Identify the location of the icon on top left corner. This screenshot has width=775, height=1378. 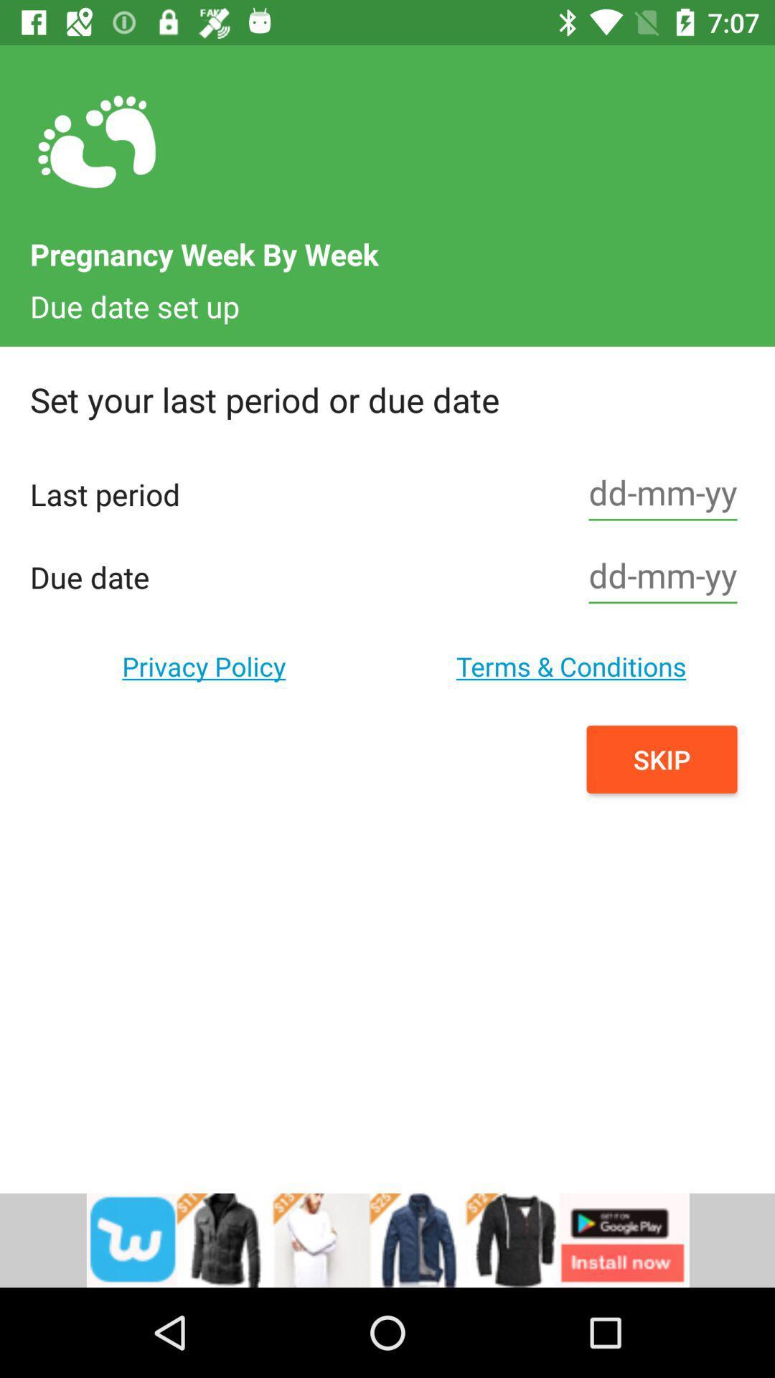
(97, 143).